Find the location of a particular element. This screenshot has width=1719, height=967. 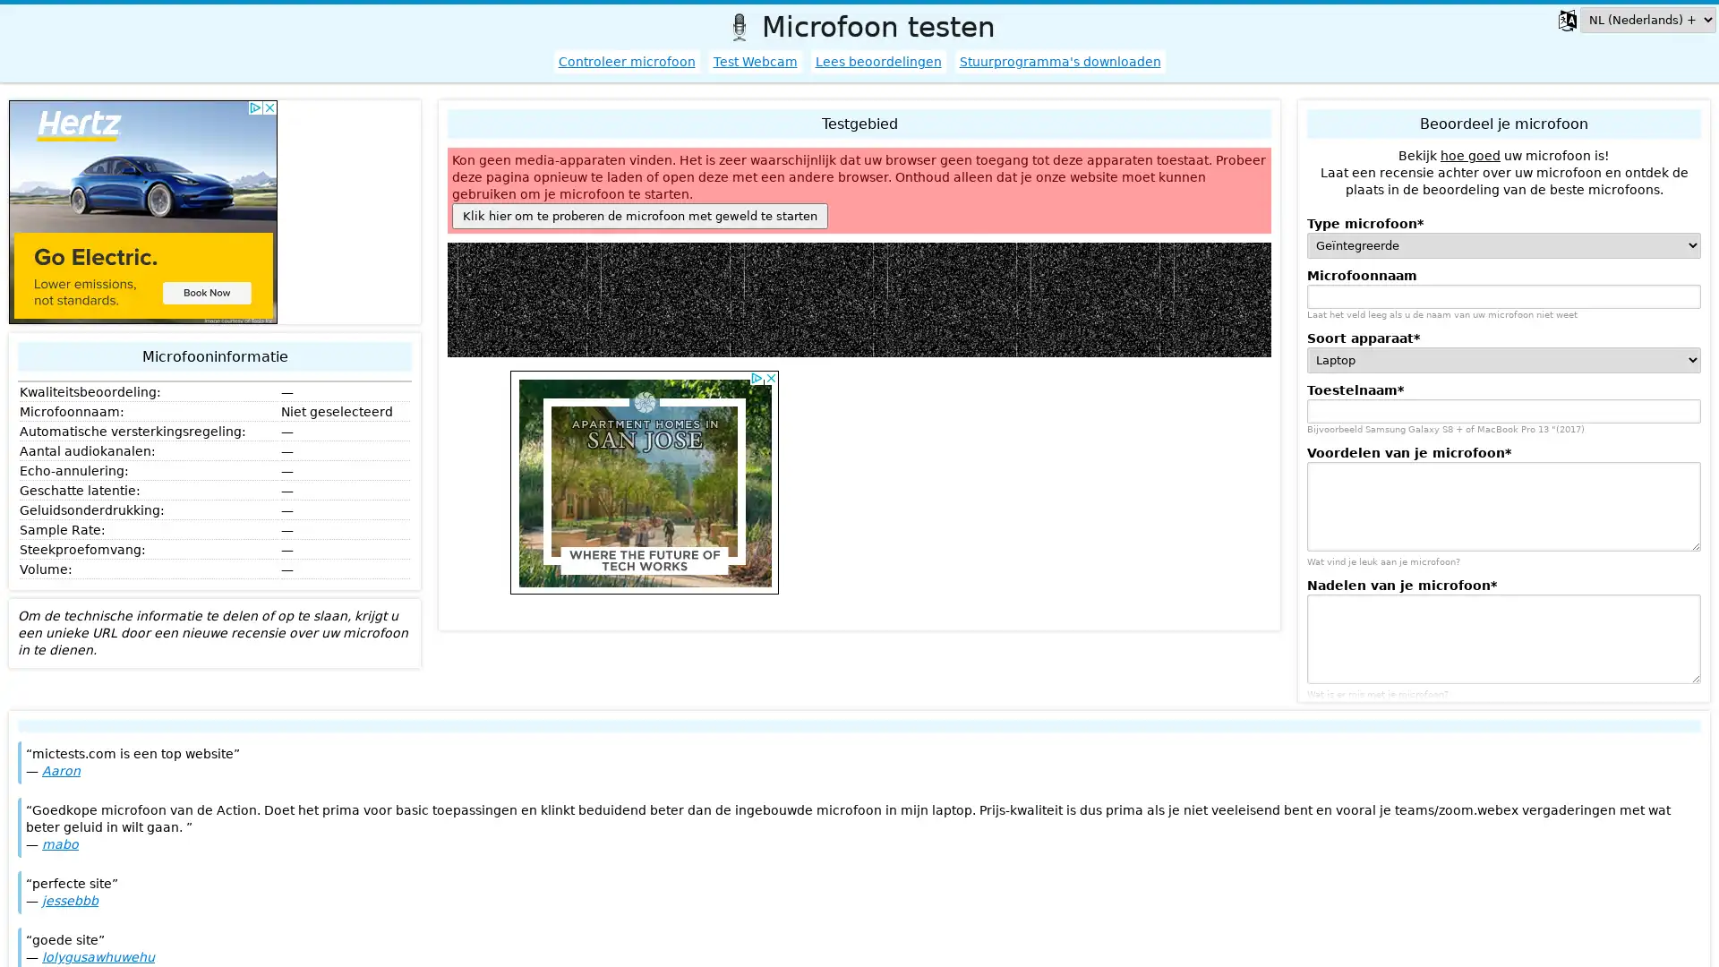

Klik hier om te proberen de microfoon met geweld te starten is located at coordinates (640, 215).